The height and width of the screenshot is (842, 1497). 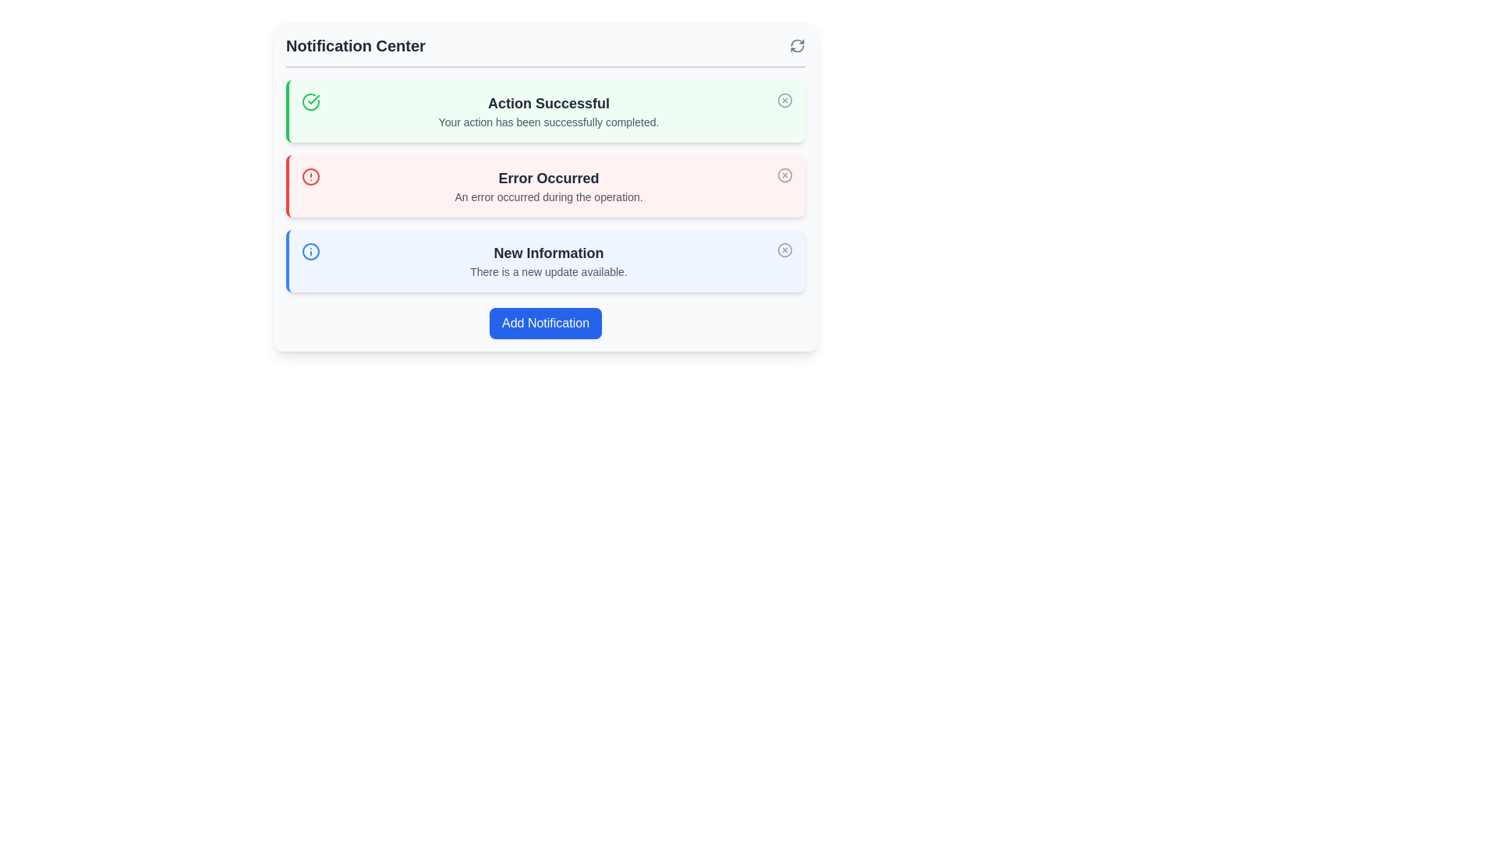 I want to click on the circular blue information icon located at the leftmost side of the 'New Information' notification box, which is the third notification in the notification center, so click(x=310, y=251).